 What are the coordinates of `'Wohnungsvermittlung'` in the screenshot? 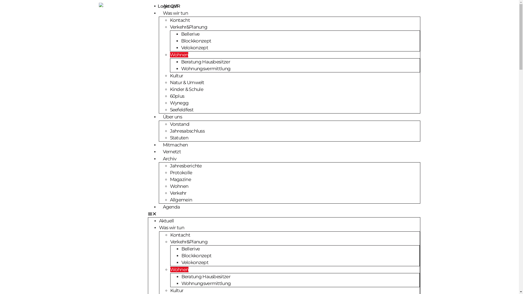 It's located at (206, 283).